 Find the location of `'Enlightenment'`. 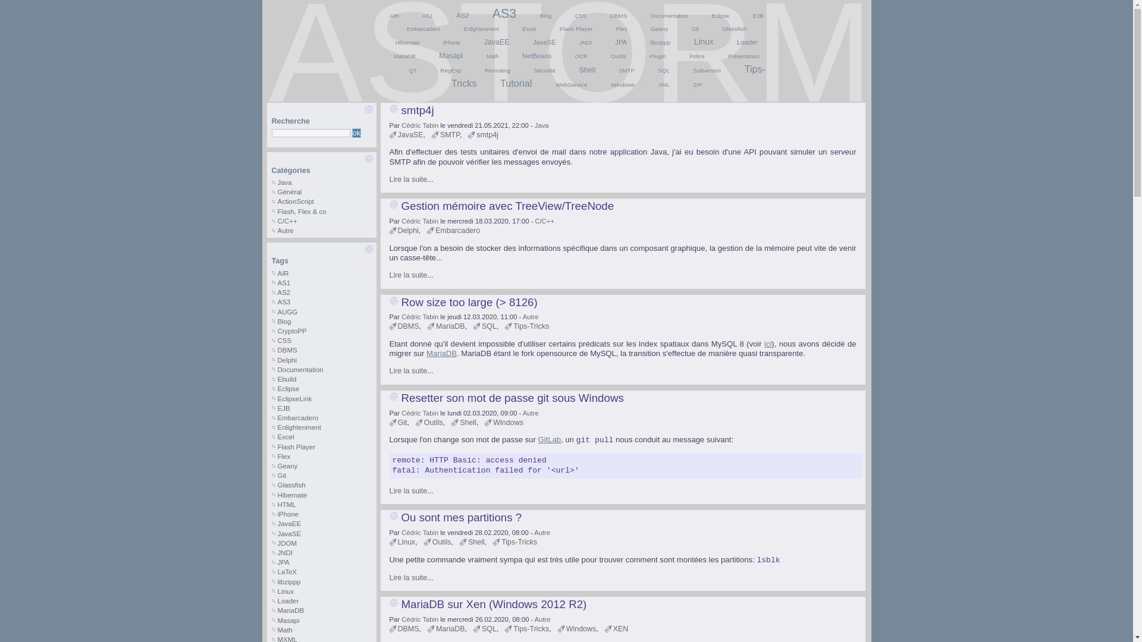

'Enlightenment' is located at coordinates (481, 29).